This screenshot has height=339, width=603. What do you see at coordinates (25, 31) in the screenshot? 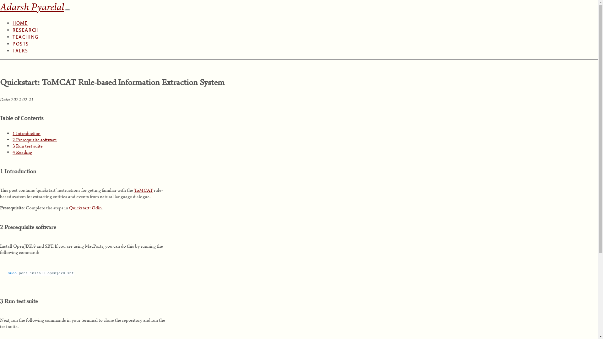
I see `'TEACHING'` at bounding box center [25, 31].